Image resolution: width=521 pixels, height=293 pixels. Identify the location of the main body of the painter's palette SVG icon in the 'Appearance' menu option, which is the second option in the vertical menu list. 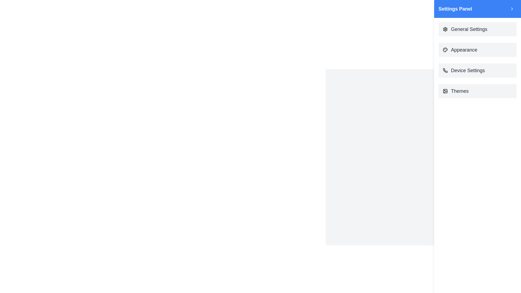
(445, 50).